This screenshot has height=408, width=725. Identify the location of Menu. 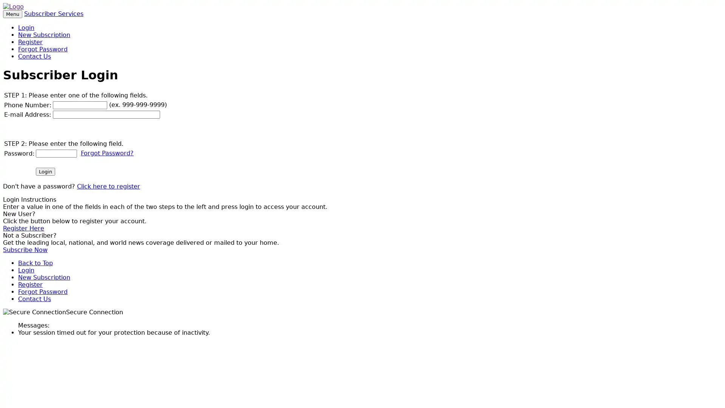
(12, 14).